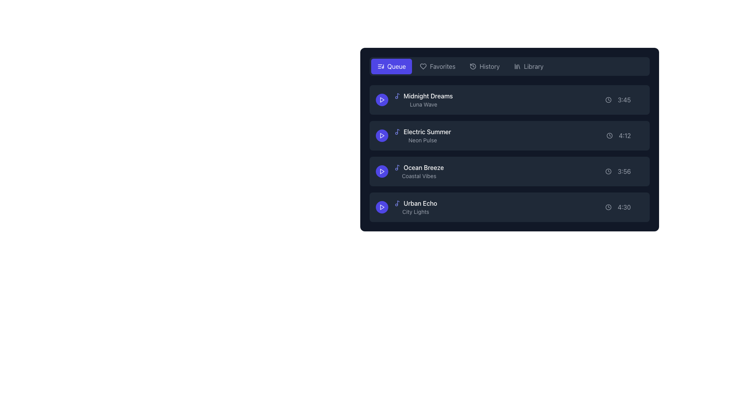  What do you see at coordinates (382, 171) in the screenshot?
I see `the Play Button icon located inside a circular button to initiate playback of the music track 'Ocean Breeze'` at bounding box center [382, 171].